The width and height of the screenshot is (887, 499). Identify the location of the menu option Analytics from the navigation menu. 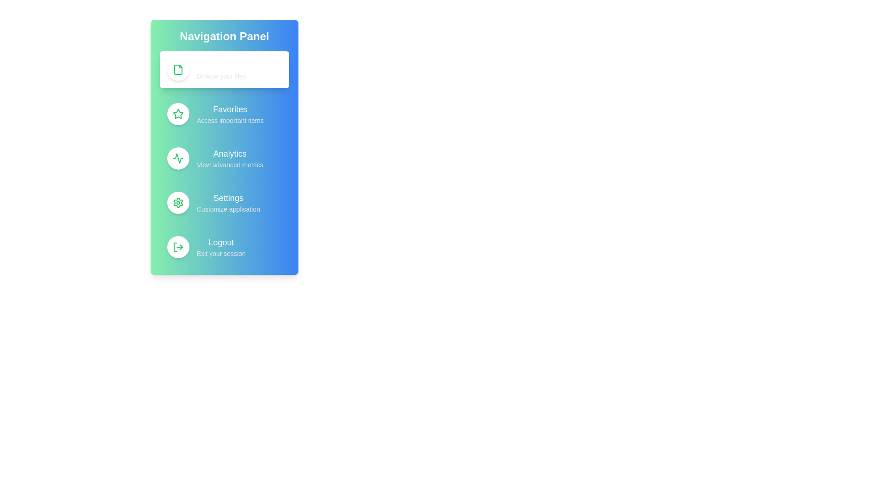
(224, 158).